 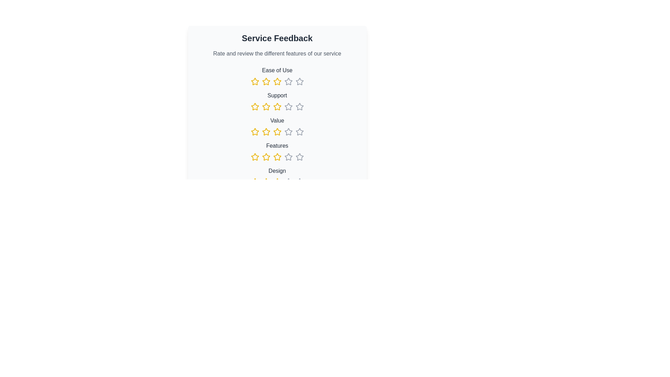 What do you see at coordinates (277, 145) in the screenshot?
I see `the 'Features' text label in the rating feedback form, which is styled in dark gray and serves as the title for the respective rating row` at bounding box center [277, 145].